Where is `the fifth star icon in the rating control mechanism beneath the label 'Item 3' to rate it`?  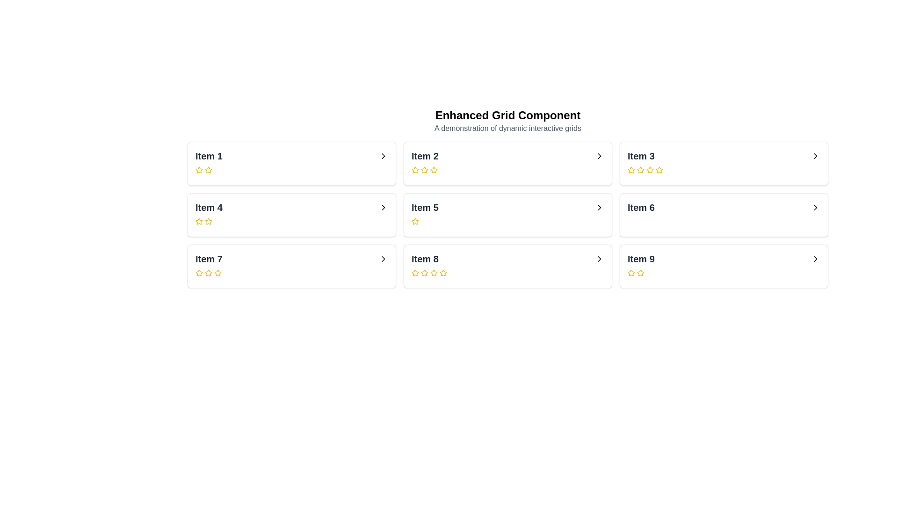 the fifth star icon in the rating control mechanism beneath the label 'Item 3' to rate it is located at coordinates (659, 170).